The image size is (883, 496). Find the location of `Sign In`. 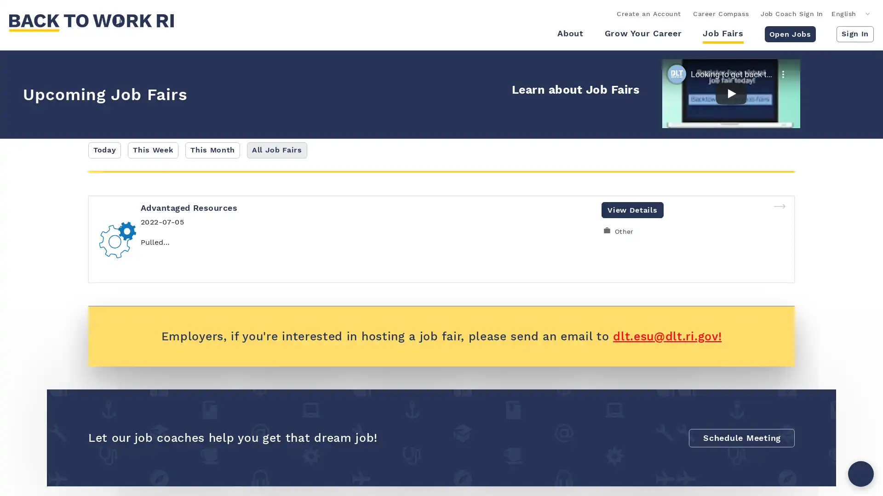

Sign In is located at coordinates (854, 33).